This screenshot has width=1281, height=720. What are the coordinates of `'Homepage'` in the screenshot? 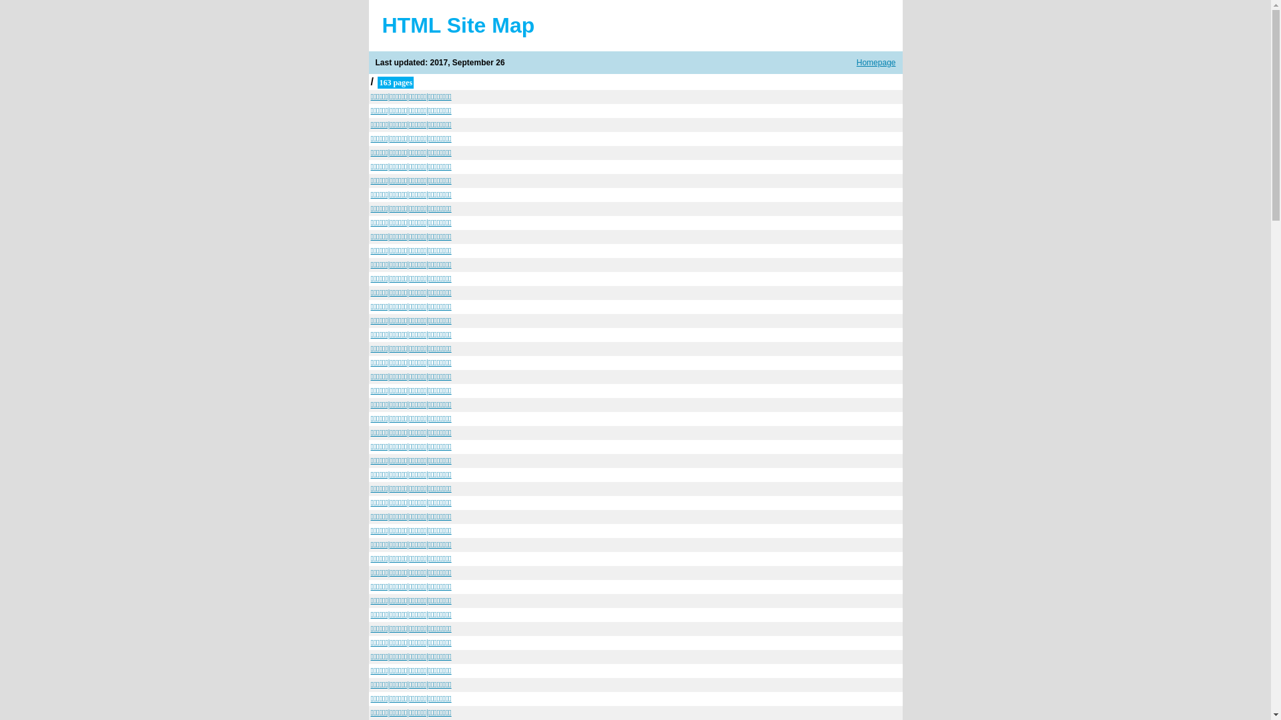 It's located at (876, 62).